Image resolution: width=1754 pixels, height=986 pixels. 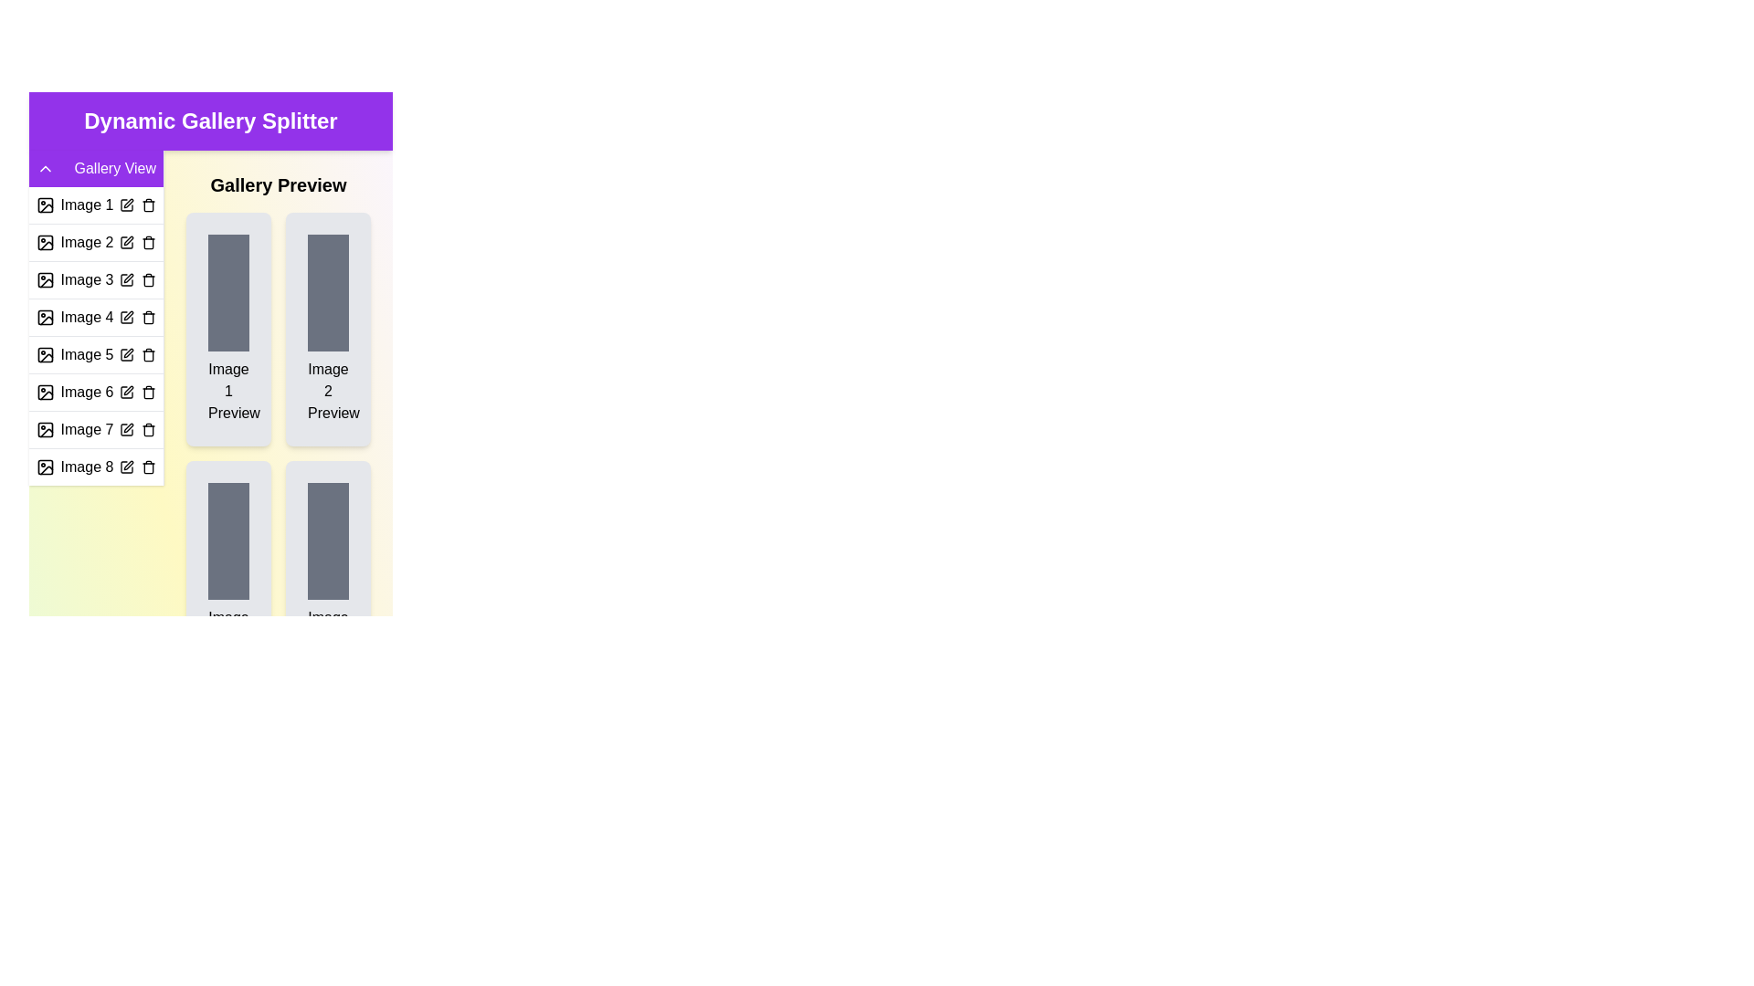 I want to click on the pencil-like edit icon located within the horizontal group of icon buttons next to the 'Image 6' label, so click(x=136, y=391).